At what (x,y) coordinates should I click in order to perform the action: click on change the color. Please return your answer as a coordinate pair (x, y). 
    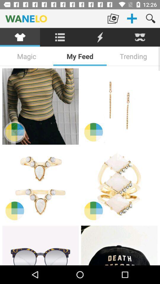
    Looking at the image, I should click on (15, 132).